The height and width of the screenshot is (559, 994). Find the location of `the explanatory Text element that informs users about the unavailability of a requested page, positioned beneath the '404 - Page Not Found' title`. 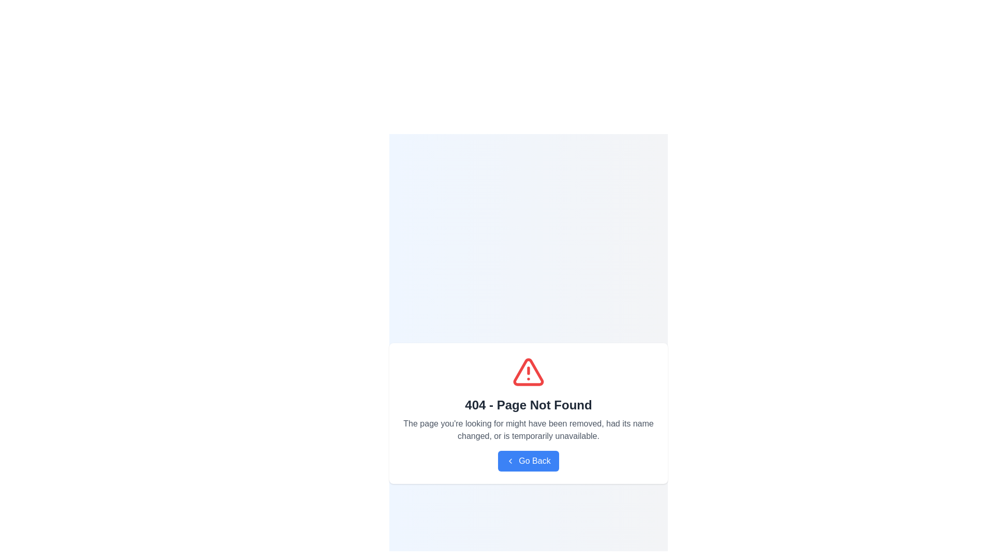

the explanatory Text element that informs users about the unavailability of a requested page, positioned beneath the '404 - Page Not Found' title is located at coordinates (529, 430).